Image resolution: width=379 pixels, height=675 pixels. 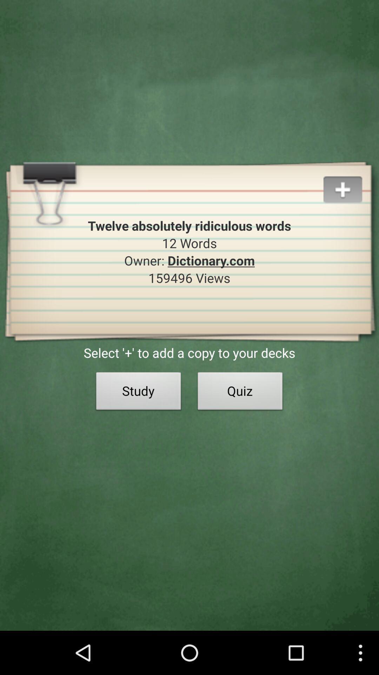 I want to click on card, so click(x=351, y=181).